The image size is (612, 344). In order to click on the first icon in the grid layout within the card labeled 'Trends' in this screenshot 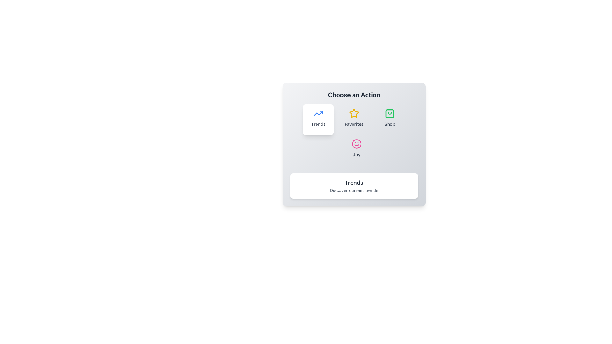, I will do `click(318, 113)`.